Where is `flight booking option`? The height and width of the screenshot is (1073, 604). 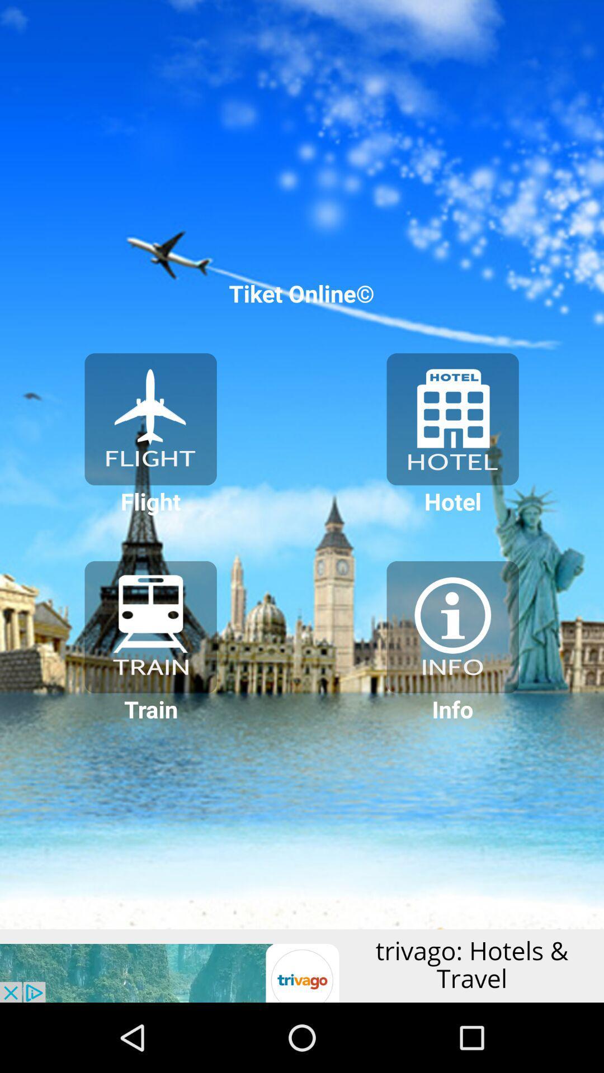 flight booking option is located at coordinates (150, 419).